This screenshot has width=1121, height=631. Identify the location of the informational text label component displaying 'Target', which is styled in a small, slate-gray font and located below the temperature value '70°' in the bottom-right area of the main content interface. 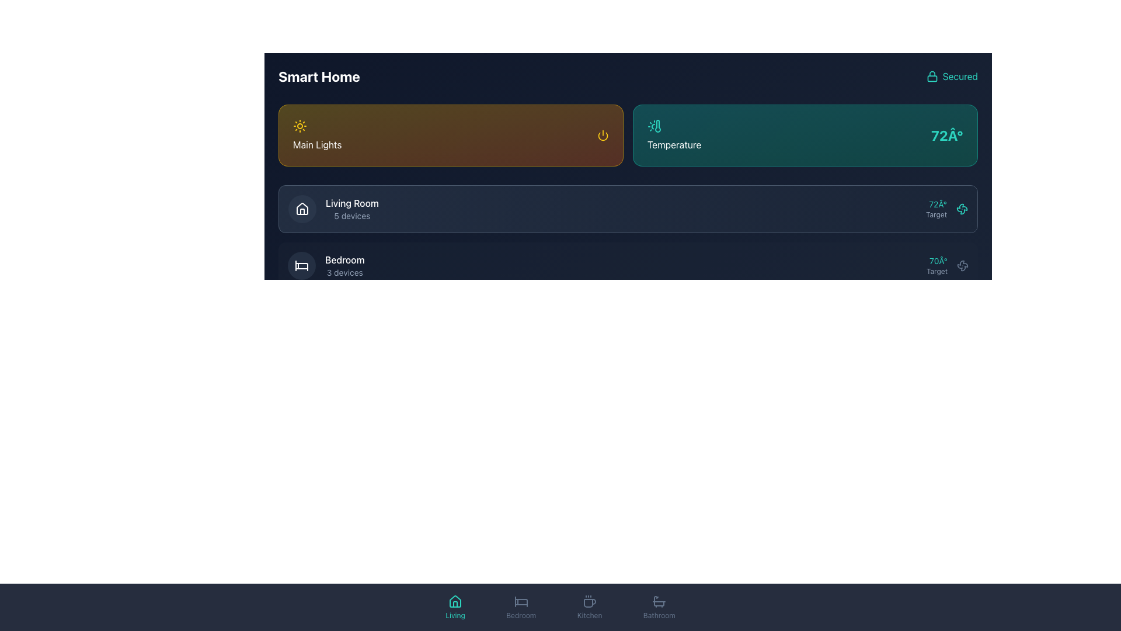
(937, 272).